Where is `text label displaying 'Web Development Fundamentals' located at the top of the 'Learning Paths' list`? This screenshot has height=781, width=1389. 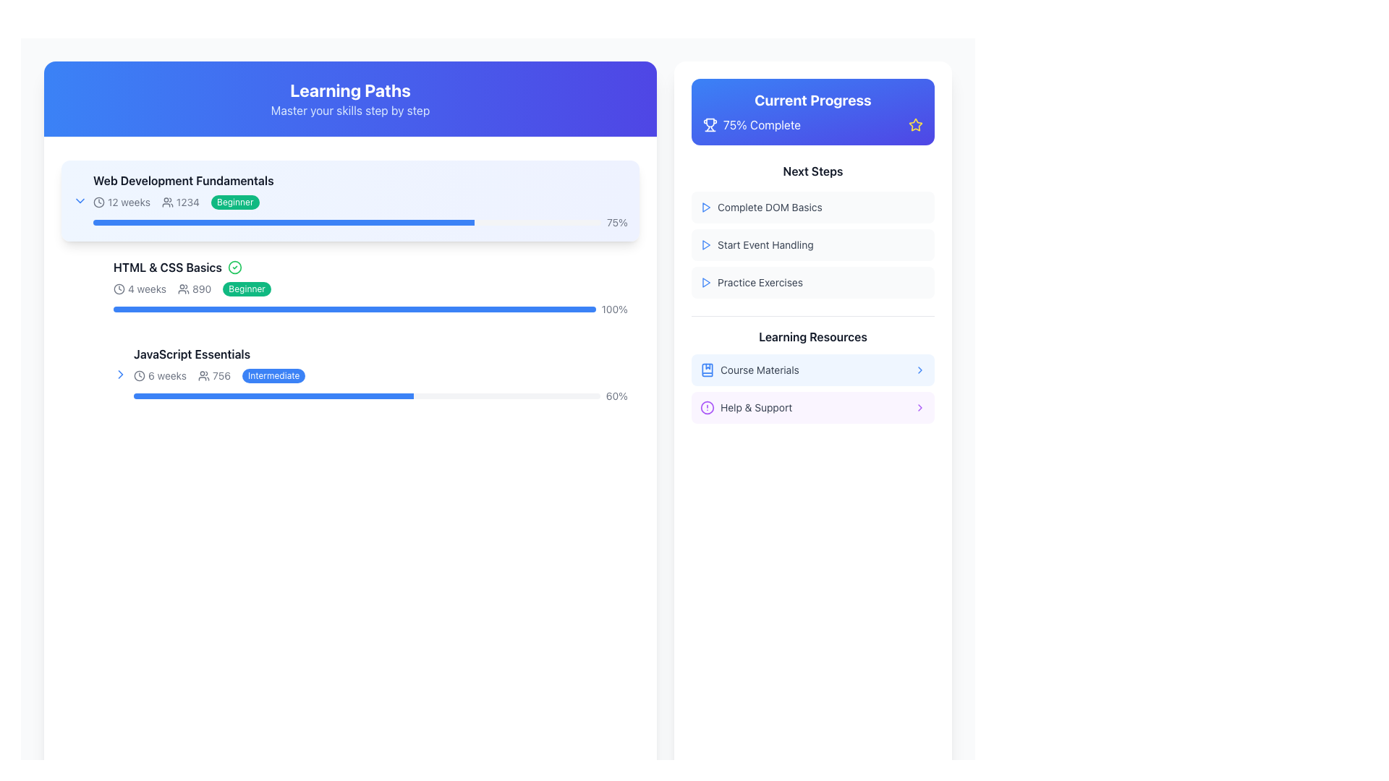
text label displaying 'Web Development Fundamentals' located at the top of the 'Learning Paths' list is located at coordinates (182, 180).